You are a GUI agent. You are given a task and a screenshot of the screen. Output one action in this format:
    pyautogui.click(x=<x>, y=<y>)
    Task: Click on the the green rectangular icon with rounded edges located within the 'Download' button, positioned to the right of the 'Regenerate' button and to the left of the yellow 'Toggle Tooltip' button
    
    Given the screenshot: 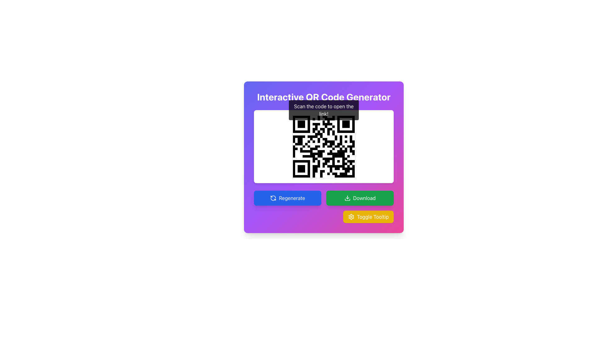 What is the action you would take?
    pyautogui.click(x=347, y=200)
    